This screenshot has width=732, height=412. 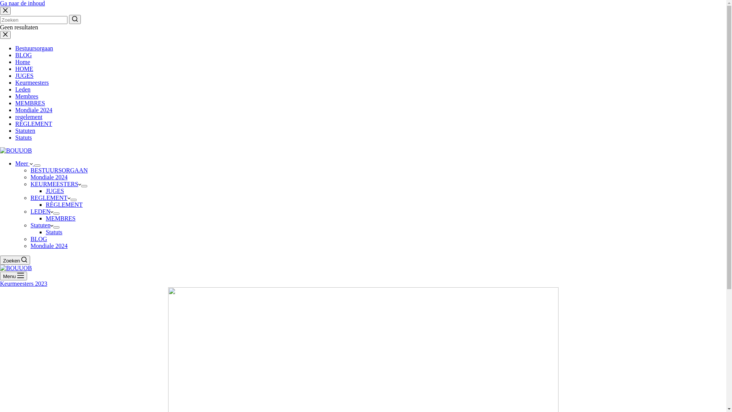 What do you see at coordinates (30, 184) in the screenshot?
I see `'KEURMEESTERS'` at bounding box center [30, 184].